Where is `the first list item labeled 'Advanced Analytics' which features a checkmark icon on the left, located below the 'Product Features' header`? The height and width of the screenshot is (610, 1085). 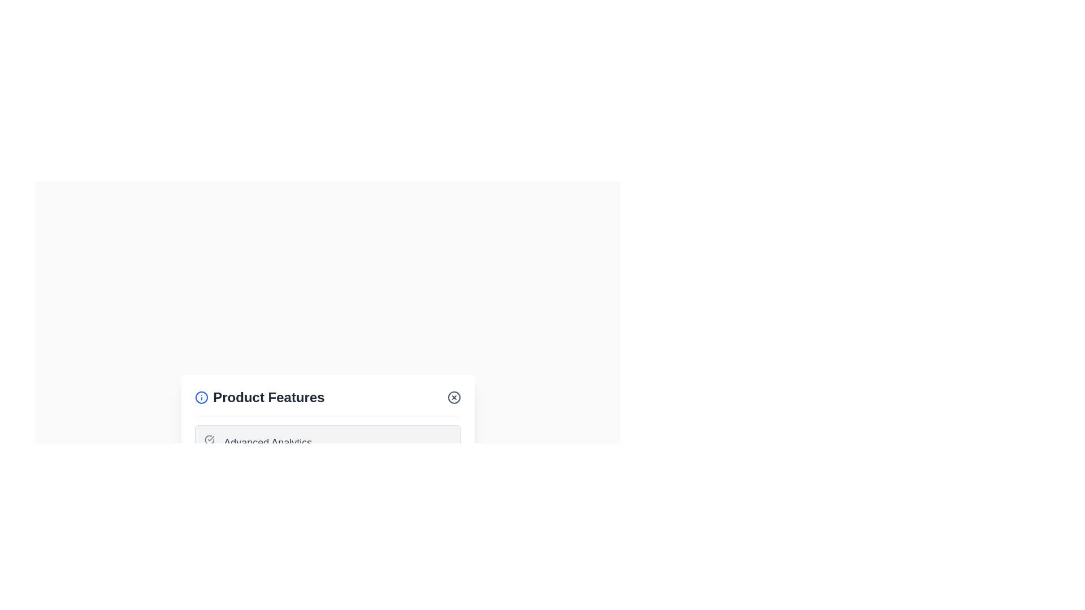 the first list item labeled 'Advanced Analytics' which features a checkmark icon on the left, located below the 'Product Features' header is located at coordinates (327, 442).